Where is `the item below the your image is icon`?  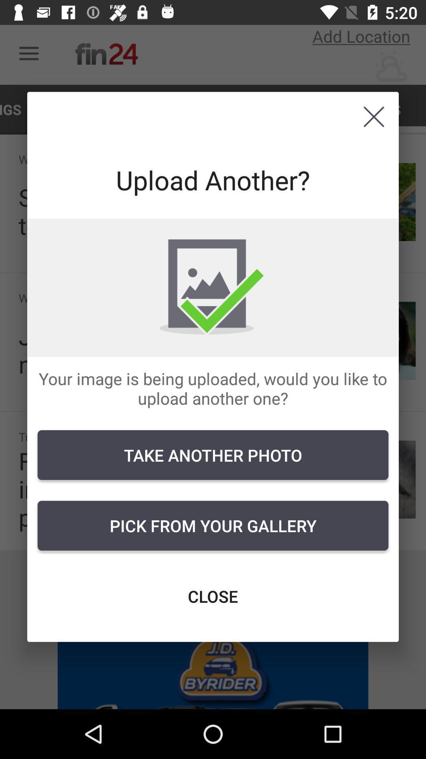
the item below the your image is icon is located at coordinates (213, 455).